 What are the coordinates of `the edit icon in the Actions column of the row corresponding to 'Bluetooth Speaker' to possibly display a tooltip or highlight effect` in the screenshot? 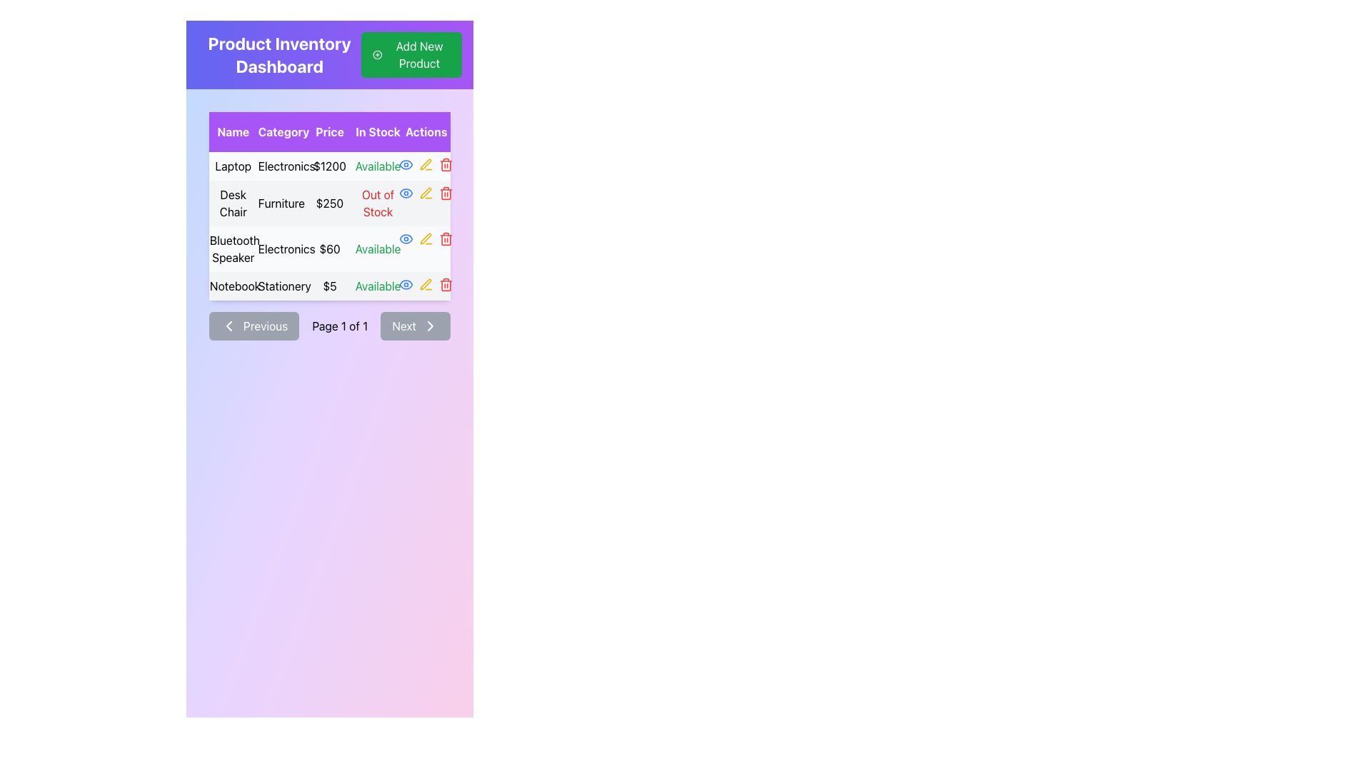 It's located at (425, 193).